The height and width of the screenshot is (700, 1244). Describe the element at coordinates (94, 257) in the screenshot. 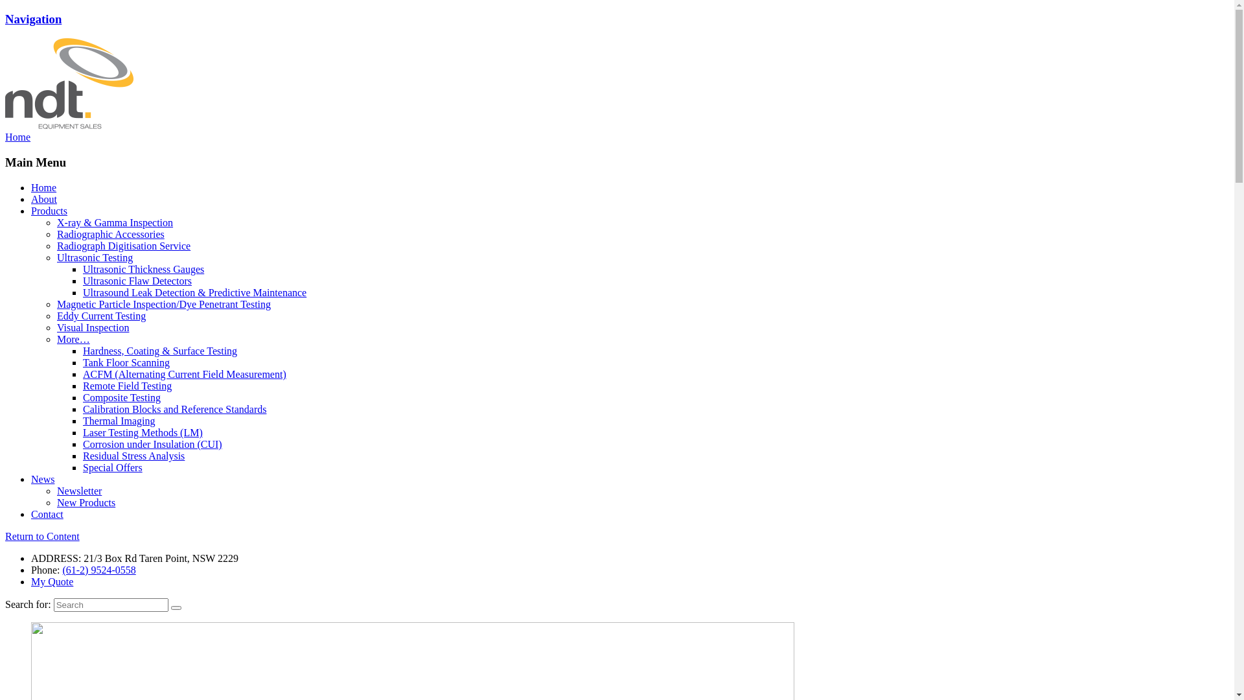

I see `'Ultrasonic Testing'` at that location.